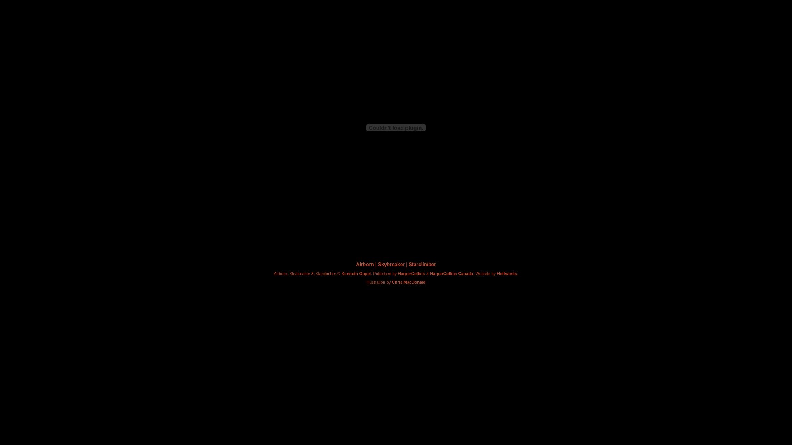 The image size is (792, 445). Describe the element at coordinates (391, 282) in the screenshot. I see `'Chris MacDonald'` at that location.